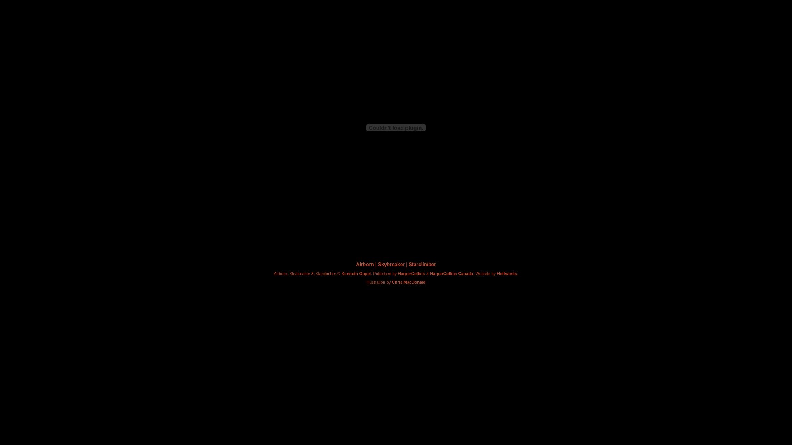 The image size is (792, 445). Describe the element at coordinates (391, 282) in the screenshot. I see `'Chris MacDonald'` at that location.